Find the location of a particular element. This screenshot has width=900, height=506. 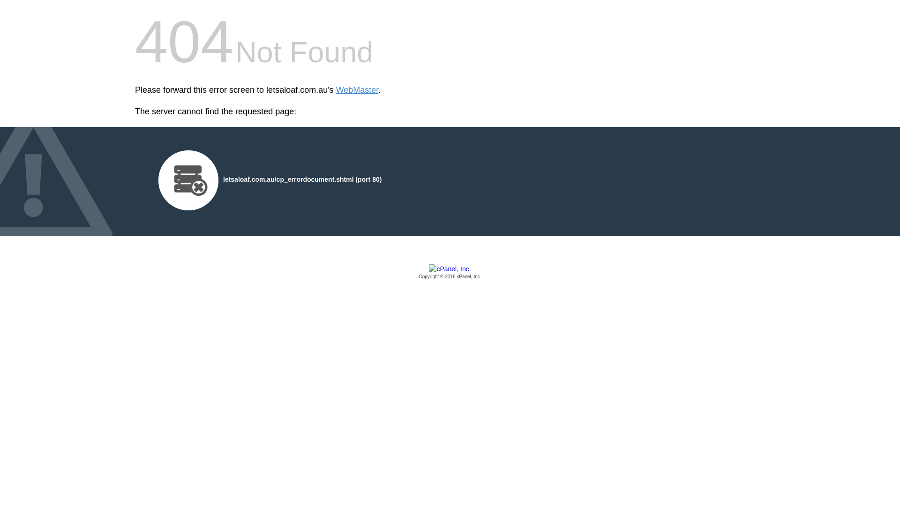

'WebMaster' is located at coordinates (357, 90).